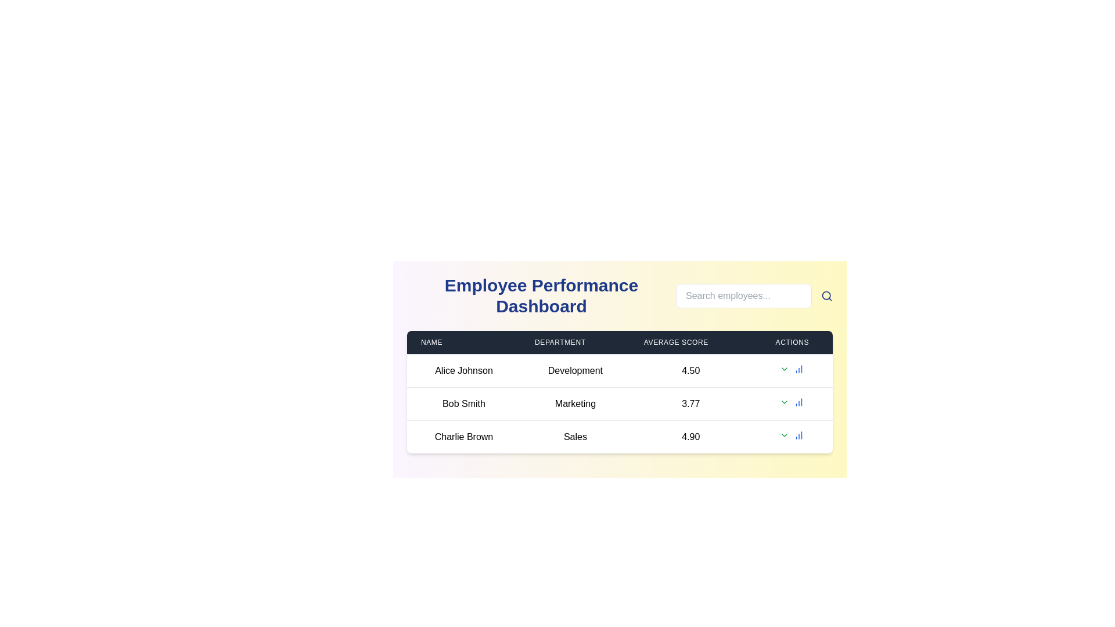  I want to click on the label displaying 'Alice Johnson' in the 'Name' column of the table, which is the first entry in the row, so click(463, 371).